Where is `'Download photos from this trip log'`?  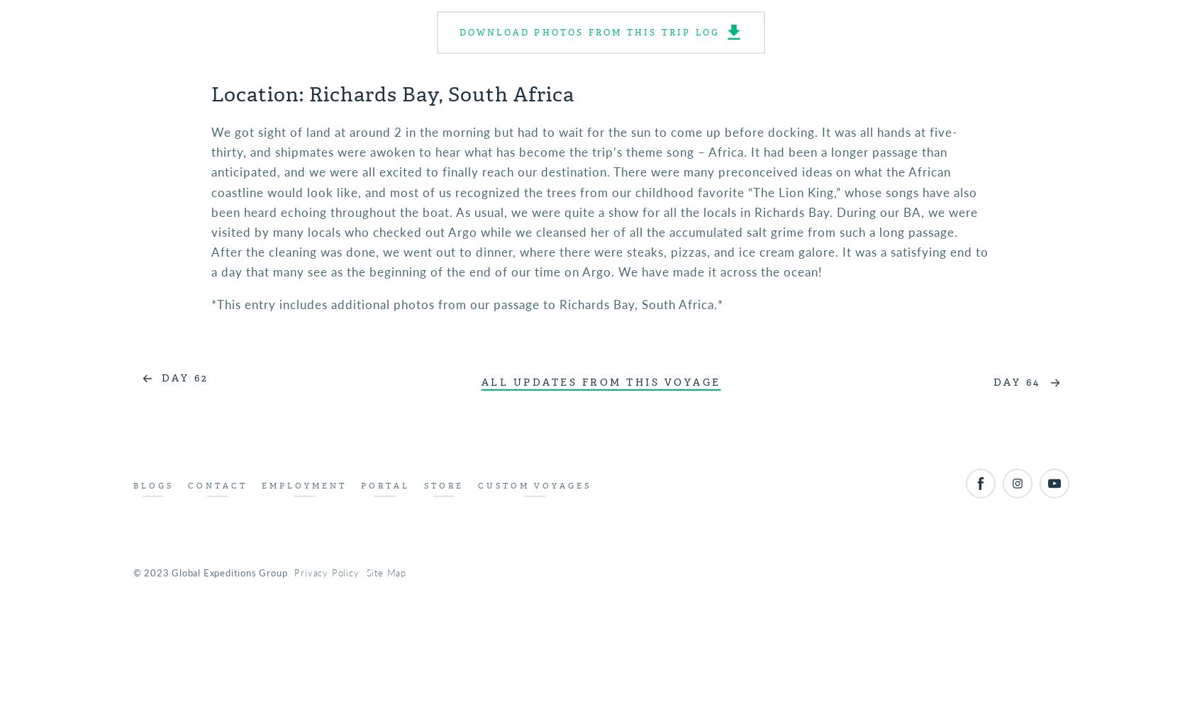
'Download photos from this trip log' is located at coordinates (589, 32).